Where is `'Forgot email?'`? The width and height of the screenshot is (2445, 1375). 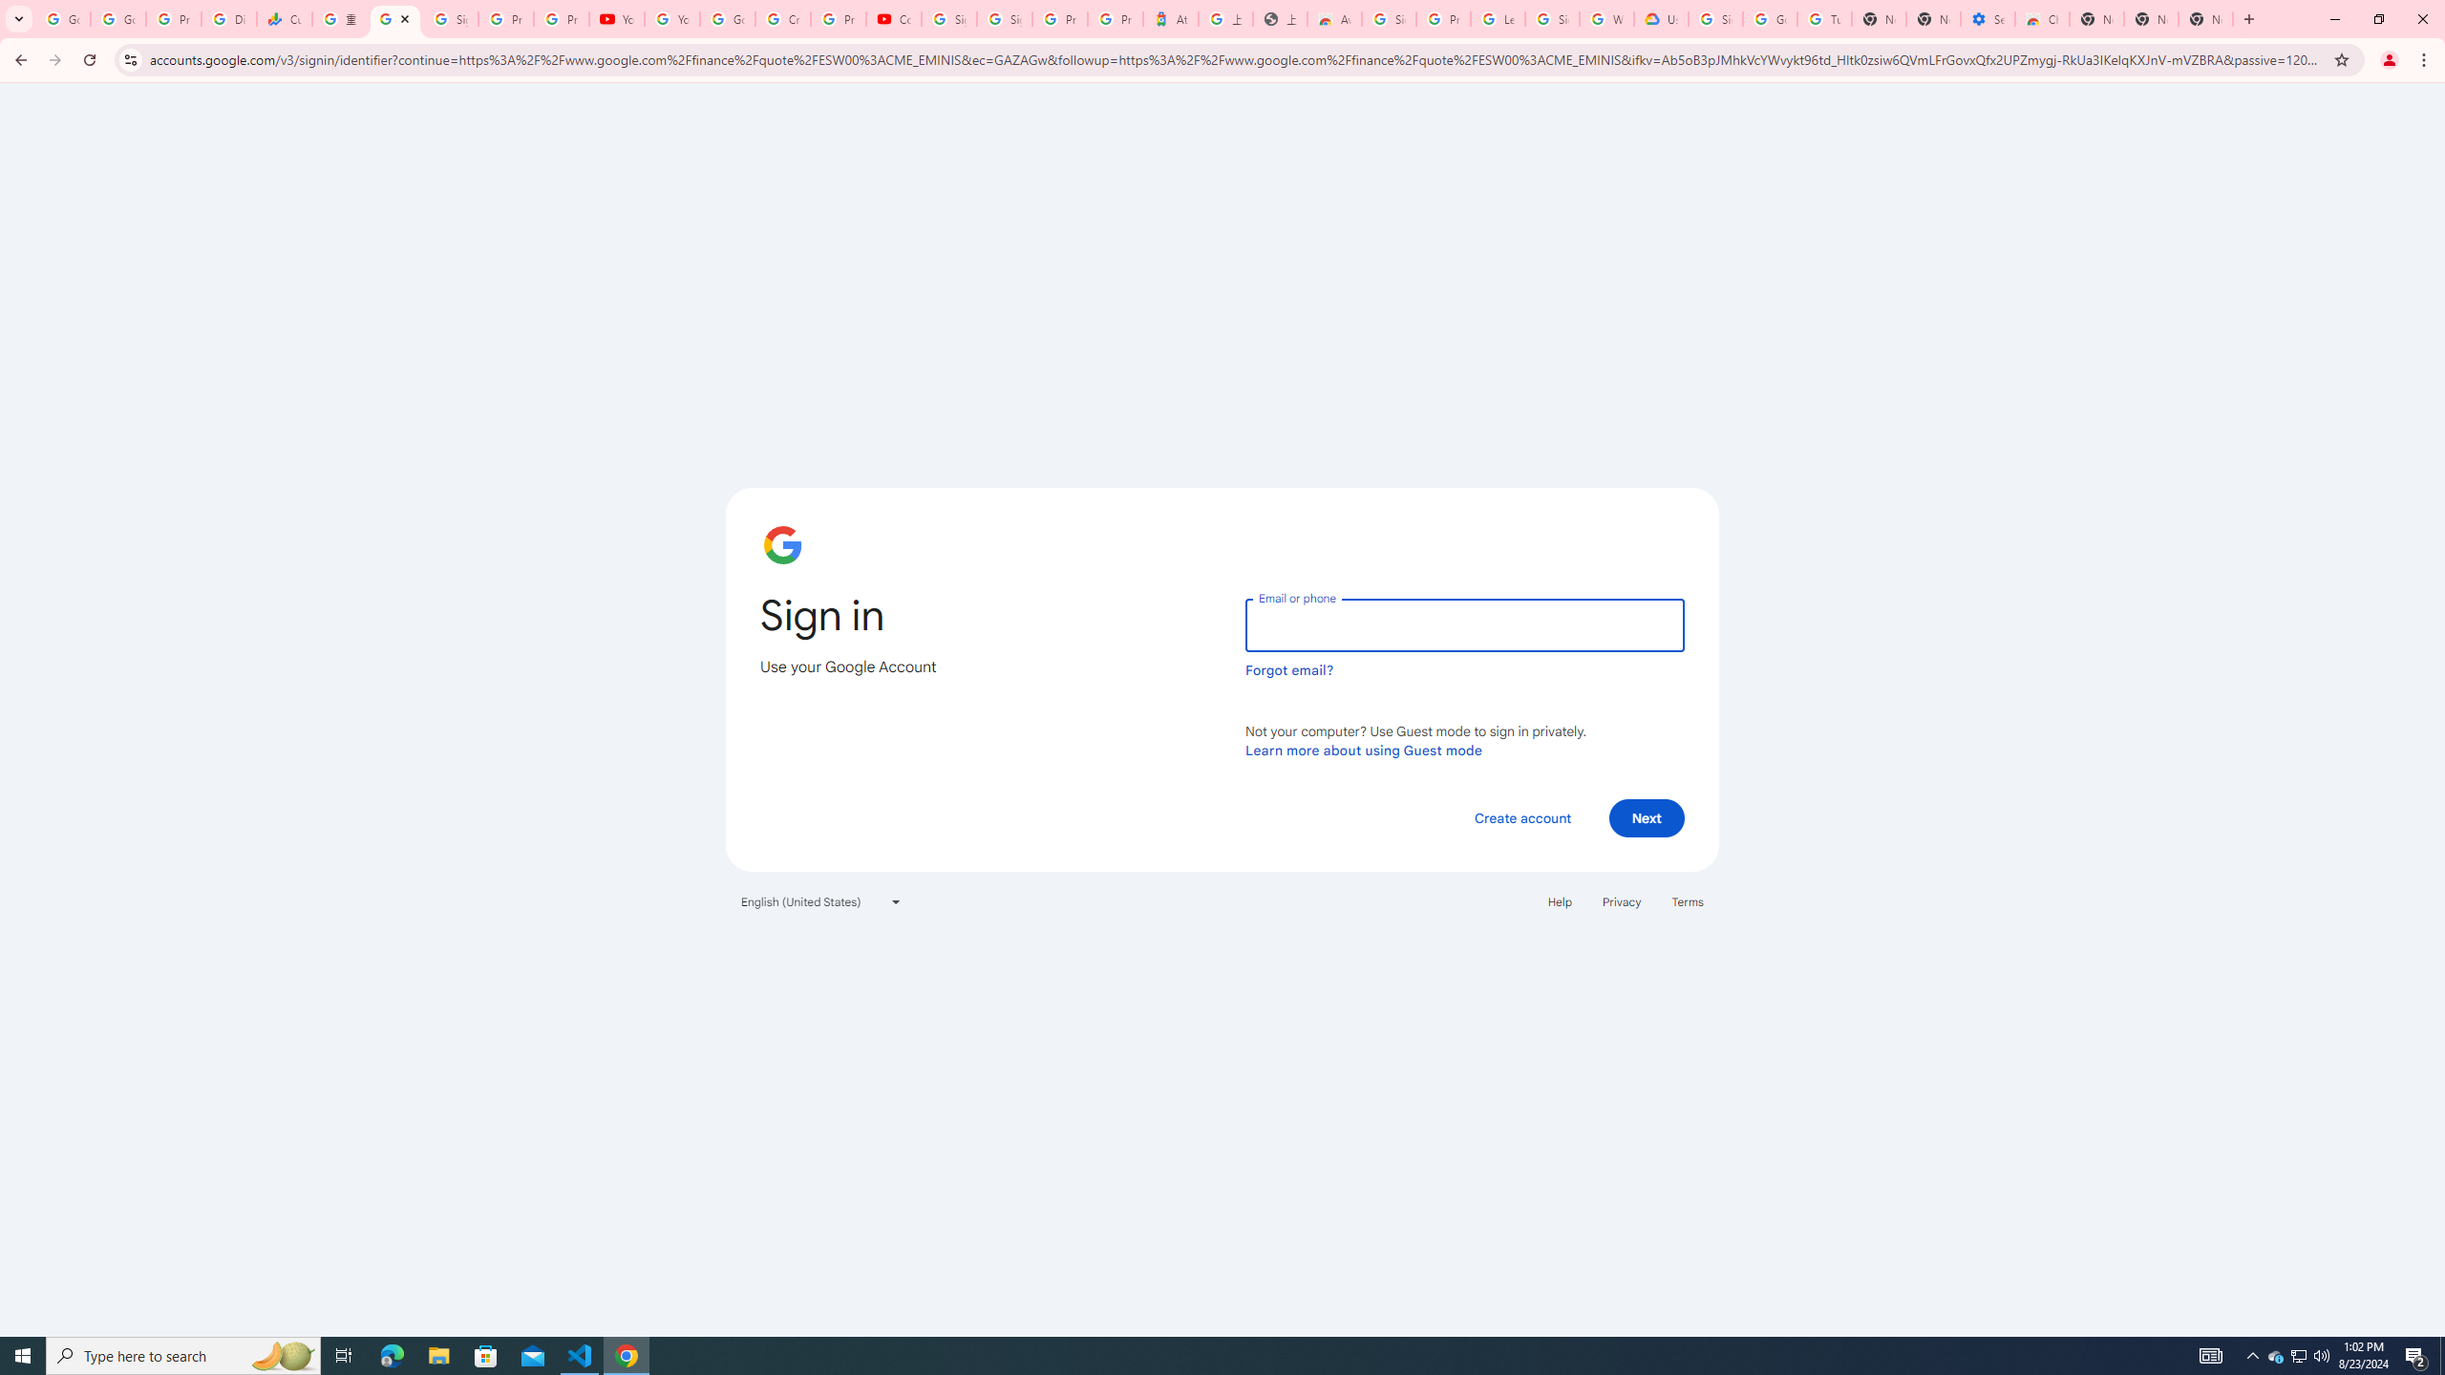 'Forgot email?' is located at coordinates (1288, 669).